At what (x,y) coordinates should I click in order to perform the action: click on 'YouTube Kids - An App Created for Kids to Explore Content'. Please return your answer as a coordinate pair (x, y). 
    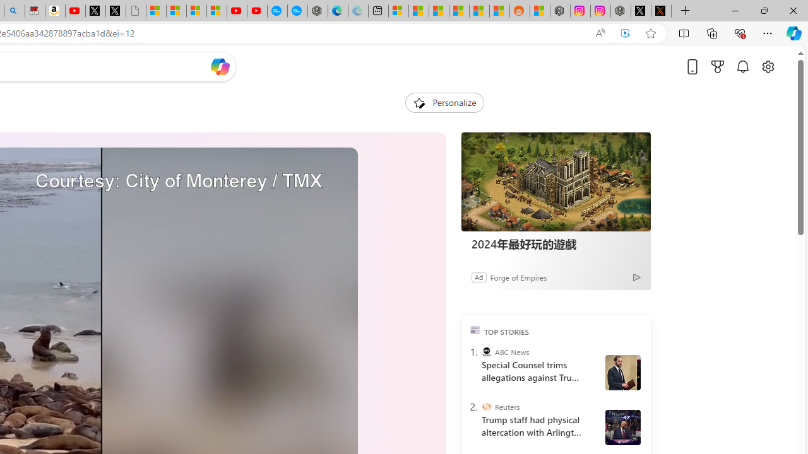
    Looking at the image, I should click on (256, 11).